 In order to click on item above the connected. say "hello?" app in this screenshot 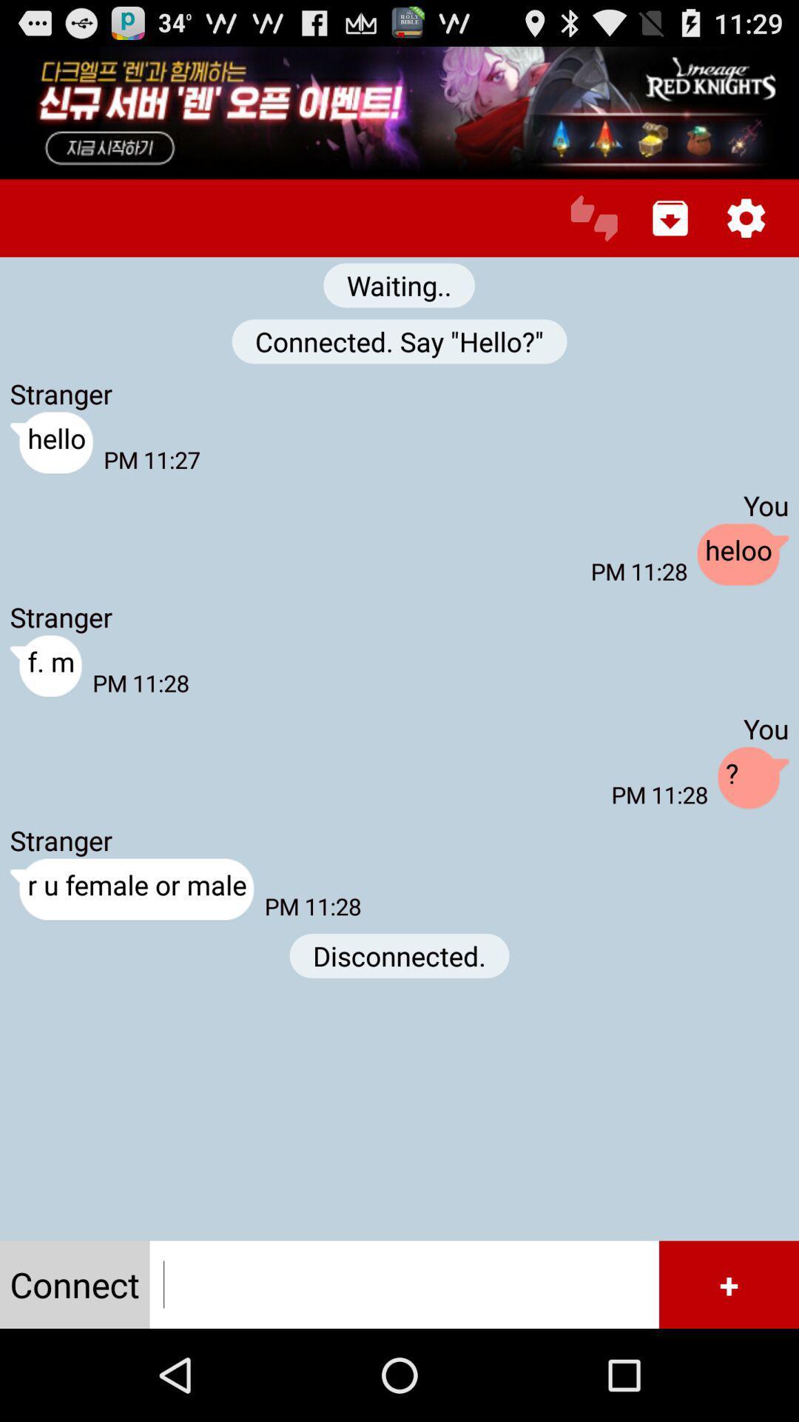, I will do `click(398, 285)`.